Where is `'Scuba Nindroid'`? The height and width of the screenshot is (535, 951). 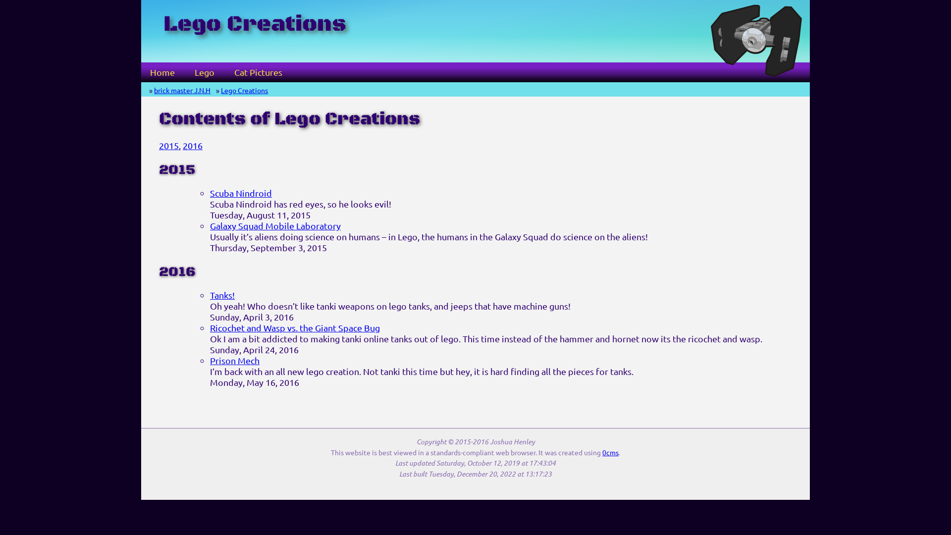 'Scuba Nindroid' is located at coordinates (241, 193).